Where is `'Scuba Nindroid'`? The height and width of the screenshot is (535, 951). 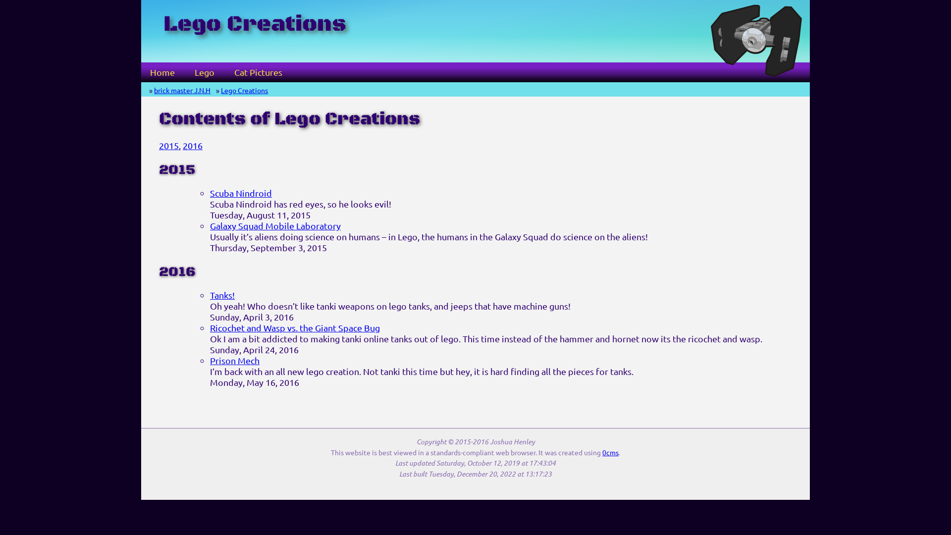 'Scuba Nindroid' is located at coordinates (241, 193).